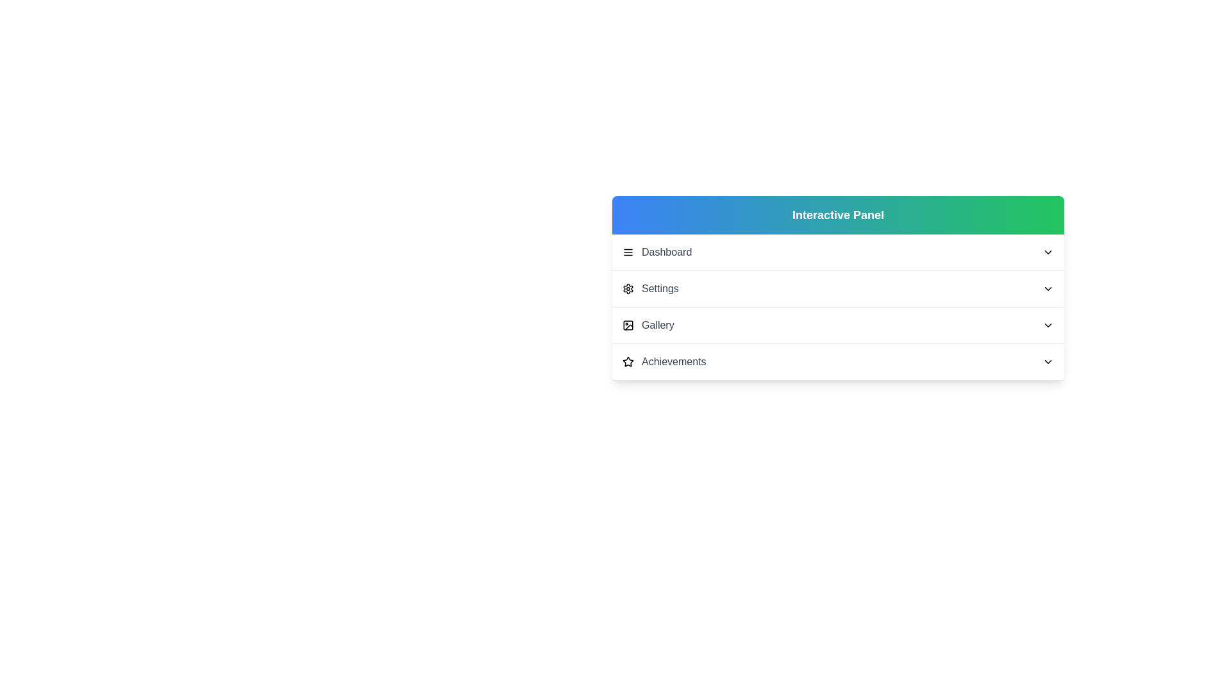 Image resolution: width=1231 pixels, height=692 pixels. What do you see at coordinates (673, 361) in the screenshot?
I see `the 'Achievements' text label, which is located at the bottom of a vertical list within a menu panel, aligned to the right of a star-shaped icon` at bounding box center [673, 361].